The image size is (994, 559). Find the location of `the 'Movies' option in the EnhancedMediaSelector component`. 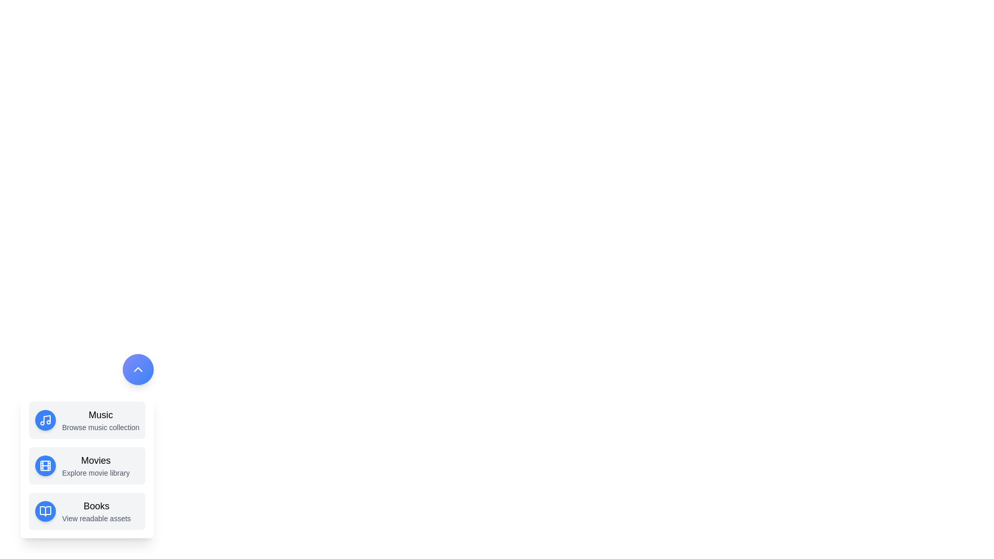

the 'Movies' option in the EnhancedMediaSelector component is located at coordinates (87, 465).